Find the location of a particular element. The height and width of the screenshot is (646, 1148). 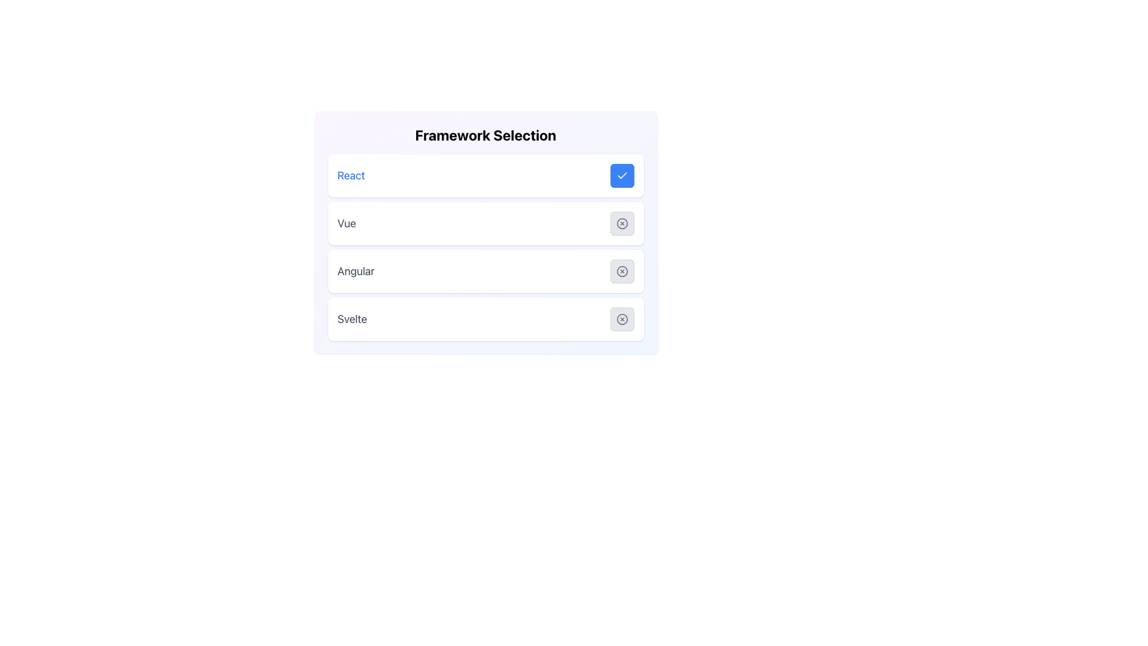

the decorative circle embedded within the button associated with the 'Vue' option in the framework selection interface is located at coordinates (622, 224).